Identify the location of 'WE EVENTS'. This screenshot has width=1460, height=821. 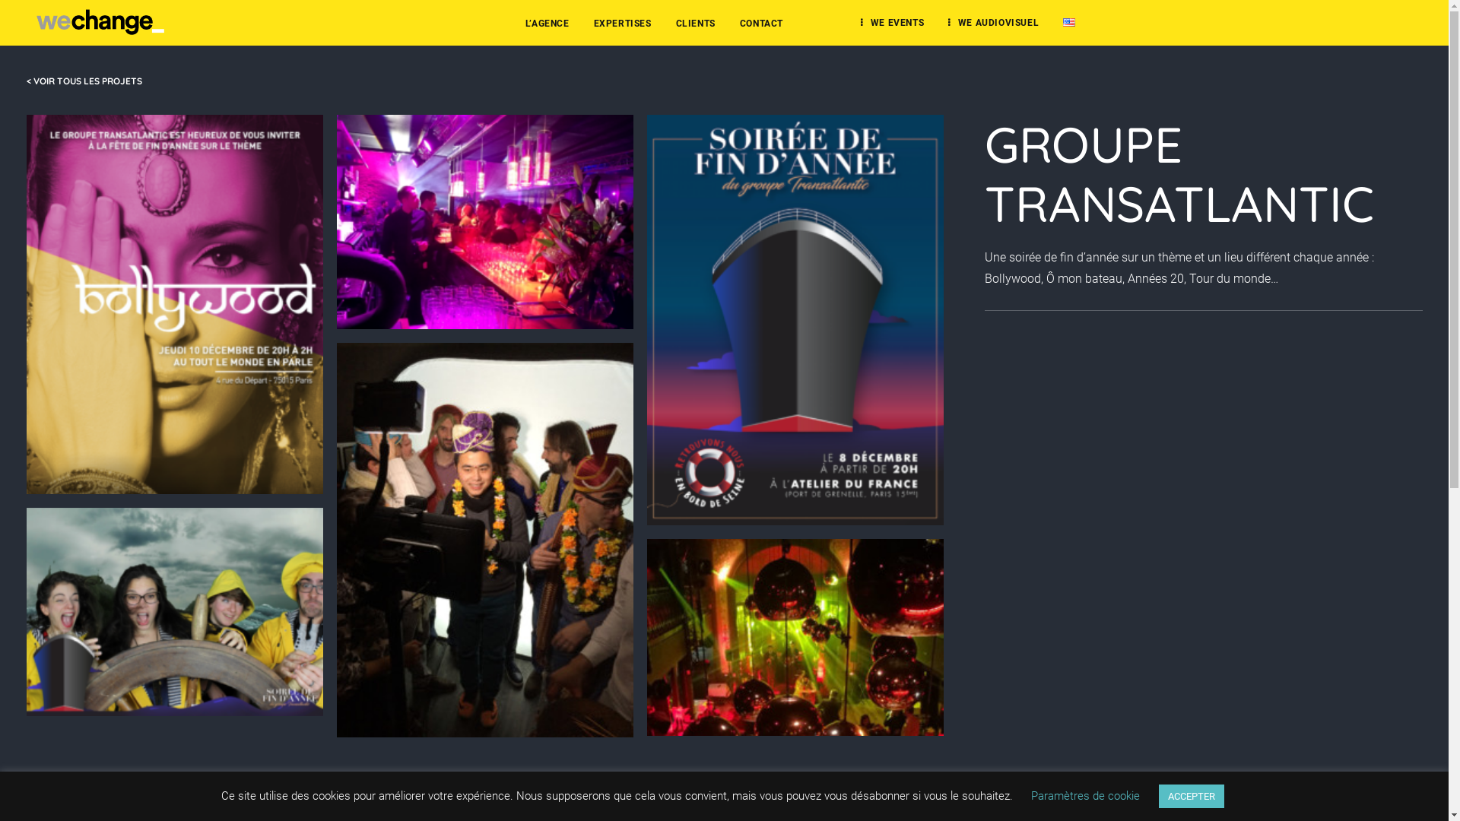
(892, 22).